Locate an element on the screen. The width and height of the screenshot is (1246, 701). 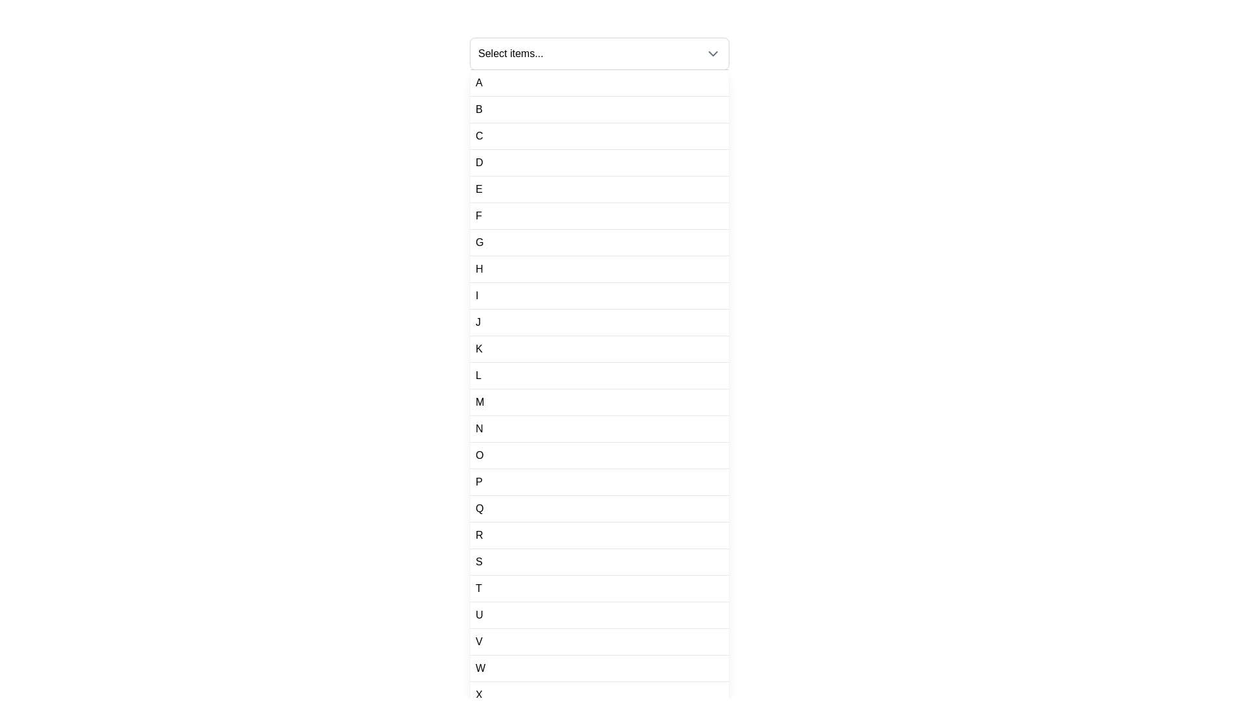
the list item displaying the character 'E' is located at coordinates (599, 190).